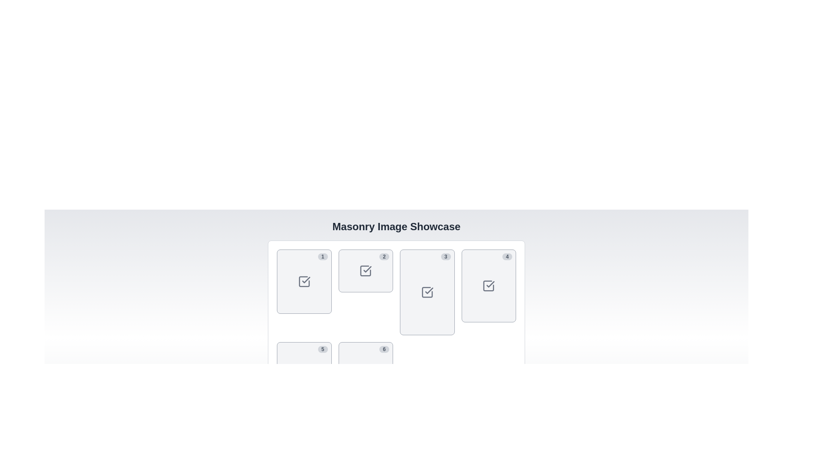 Image resolution: width=823 pixels, height=463 pixels. I want to click on the call-to-action overlay in the fourth card of the 'Masonry Image Showcase', so click(489, 286).